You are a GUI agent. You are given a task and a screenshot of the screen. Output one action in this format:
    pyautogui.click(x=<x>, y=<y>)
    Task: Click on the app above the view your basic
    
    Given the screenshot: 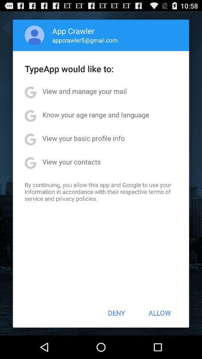 What is the action you would take?
    pyautogui.click(x=96, y=114)
    